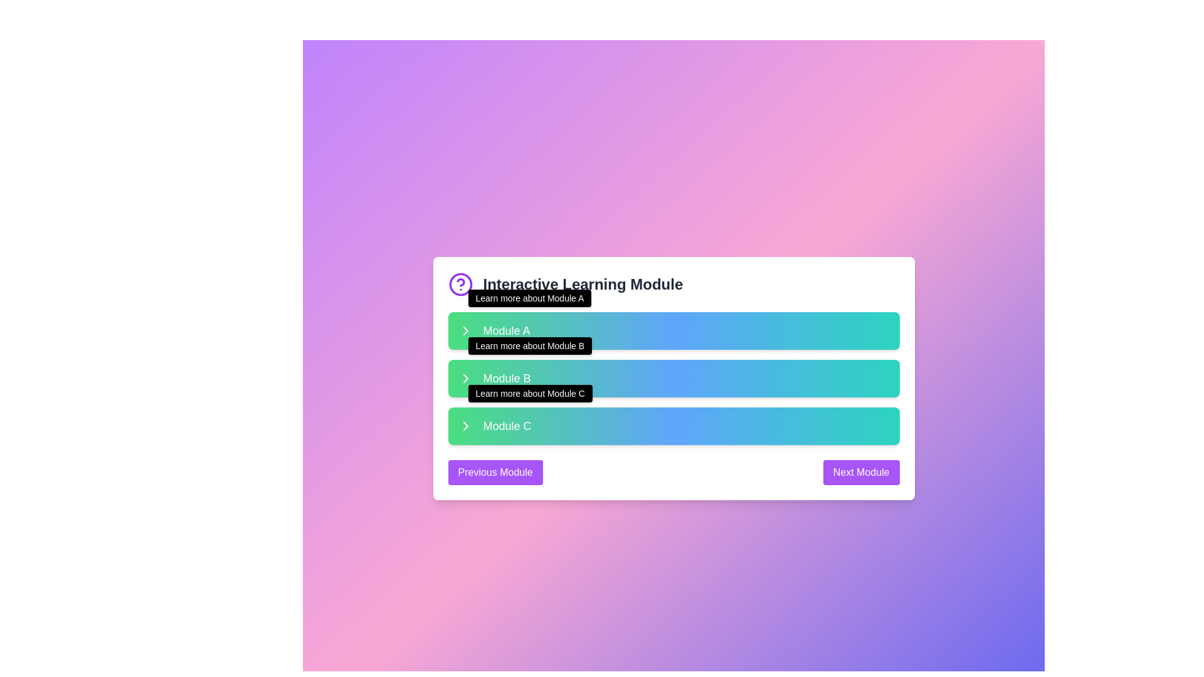 Image resolution: width=1204 pixels, height=677 pixels. What do you see at coordinates (506, 330) in the screenshot?
I see `the 'Module A' text label, which is styled in white font and is located inside a green-to-blue gradient button with rounded edges` at bounding box center [506, 330].